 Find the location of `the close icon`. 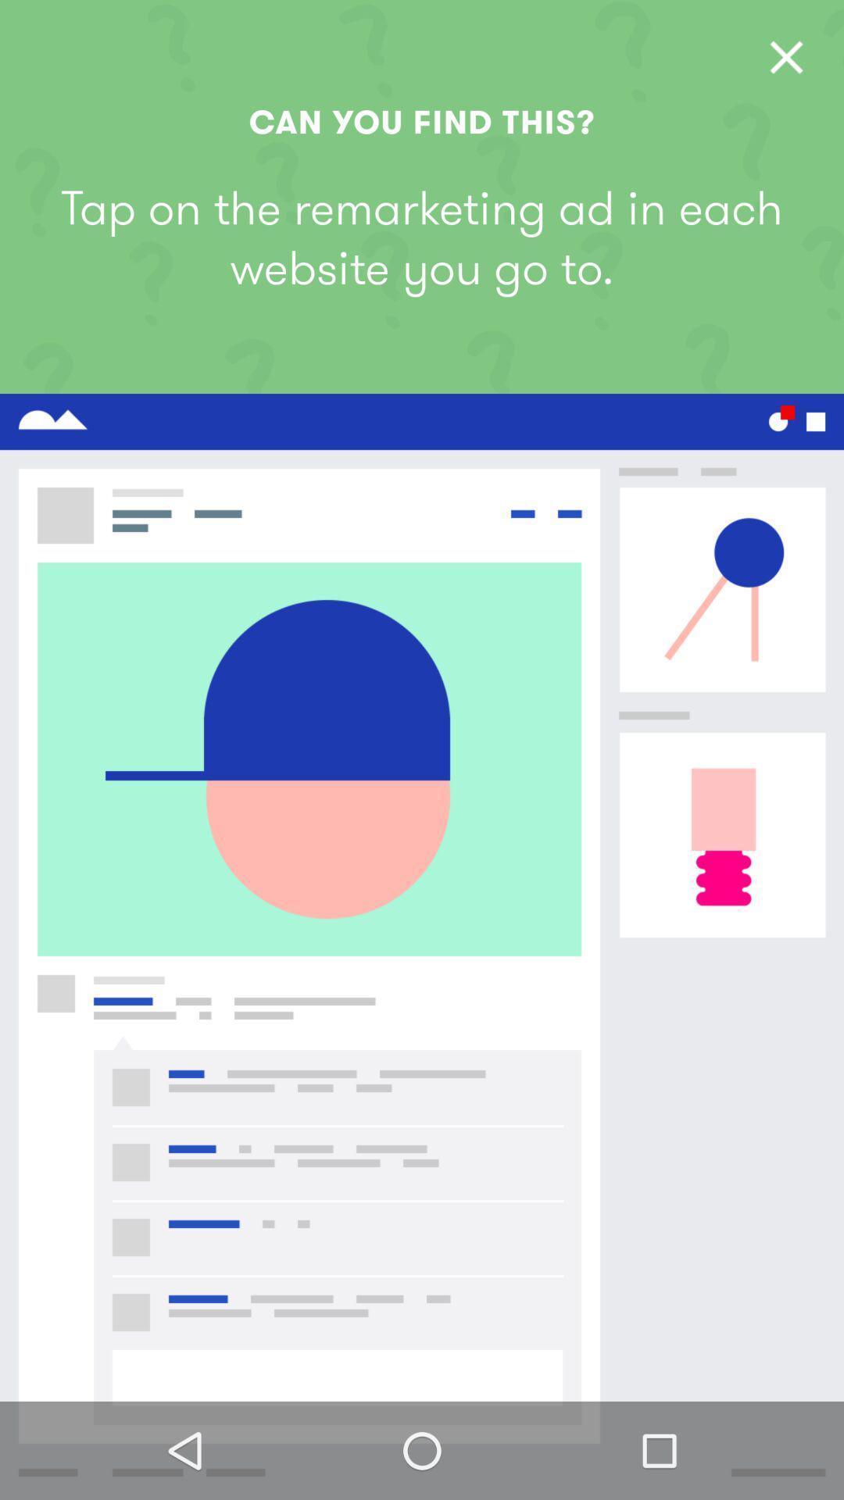

the close icon is located at coordinates (786, 57).